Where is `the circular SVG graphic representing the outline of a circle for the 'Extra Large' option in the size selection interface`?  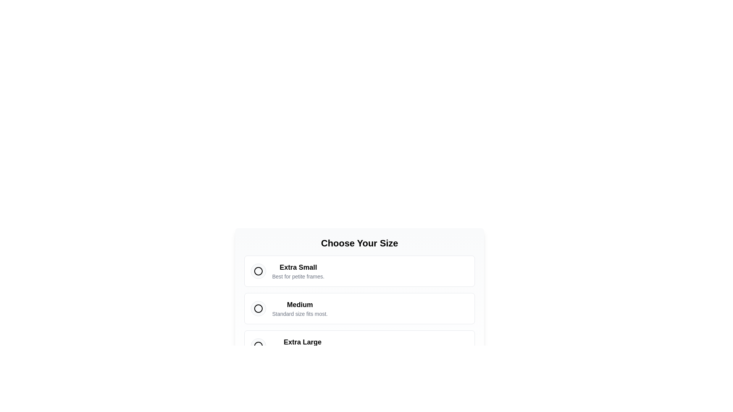 the circular SVG graphic representing the outline of a circle for the 'Extra Large' option in the size selection interface is located at coordinates (258, 346).